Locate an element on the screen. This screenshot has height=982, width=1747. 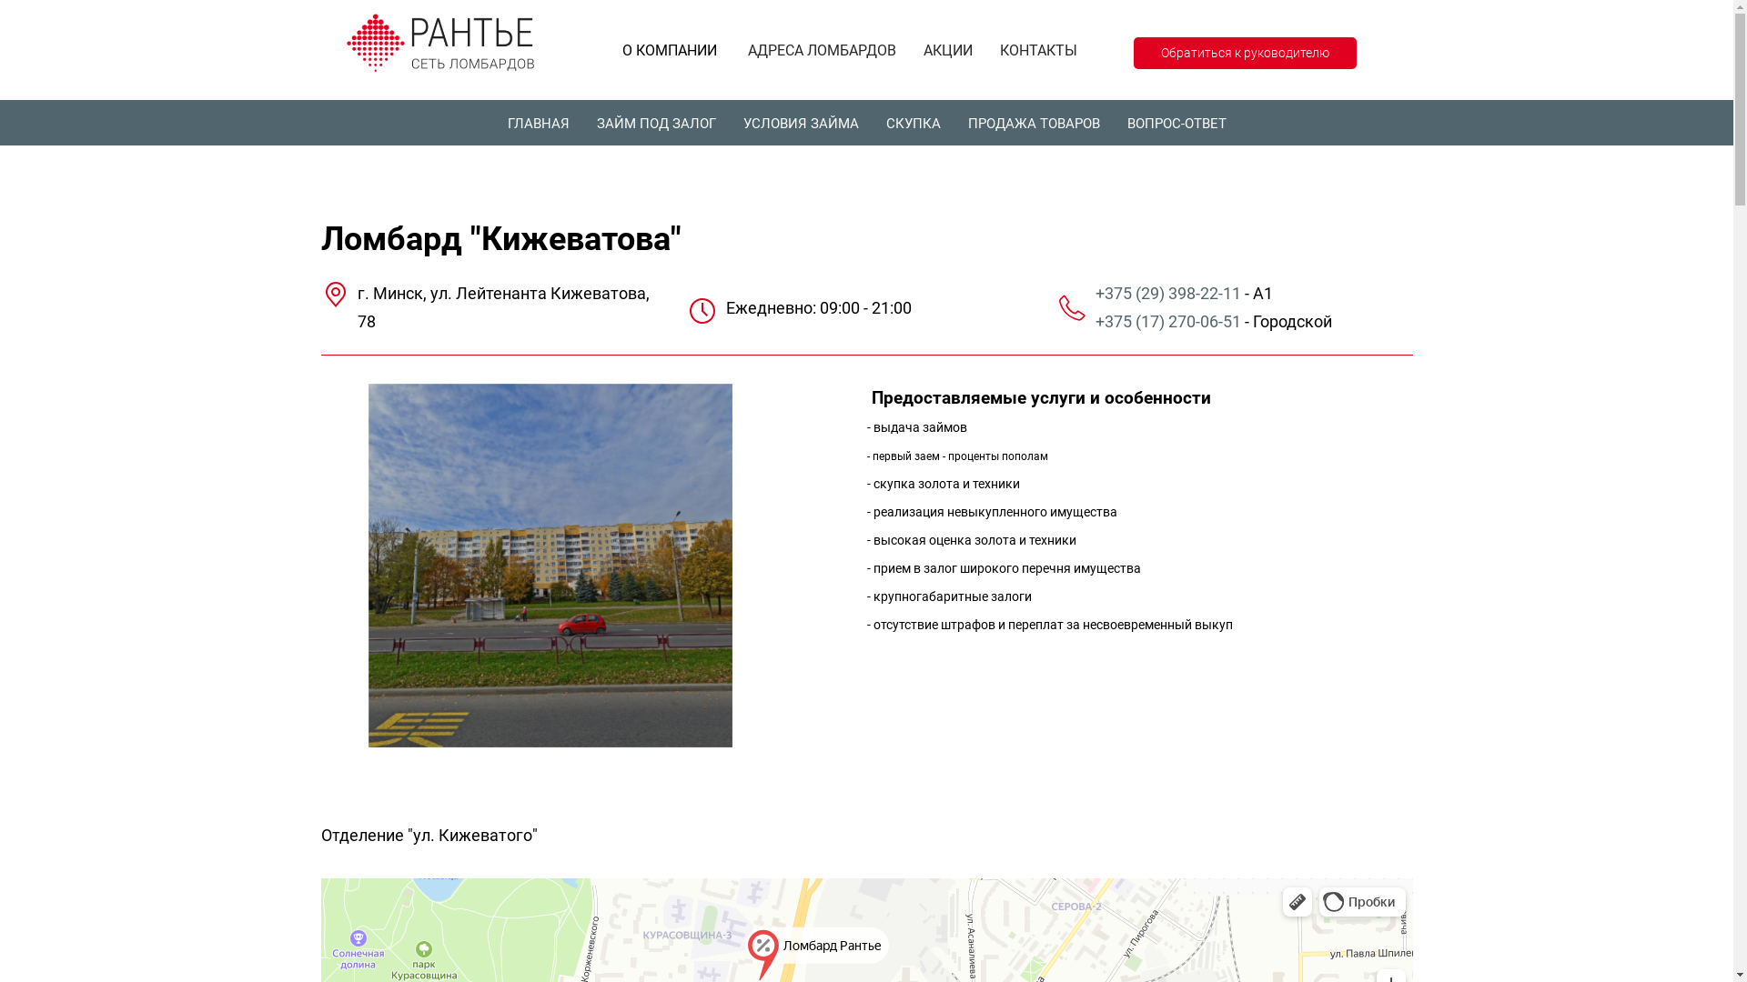
'+375 (17) 270-06-51' is located at coordinates (1167, 320).